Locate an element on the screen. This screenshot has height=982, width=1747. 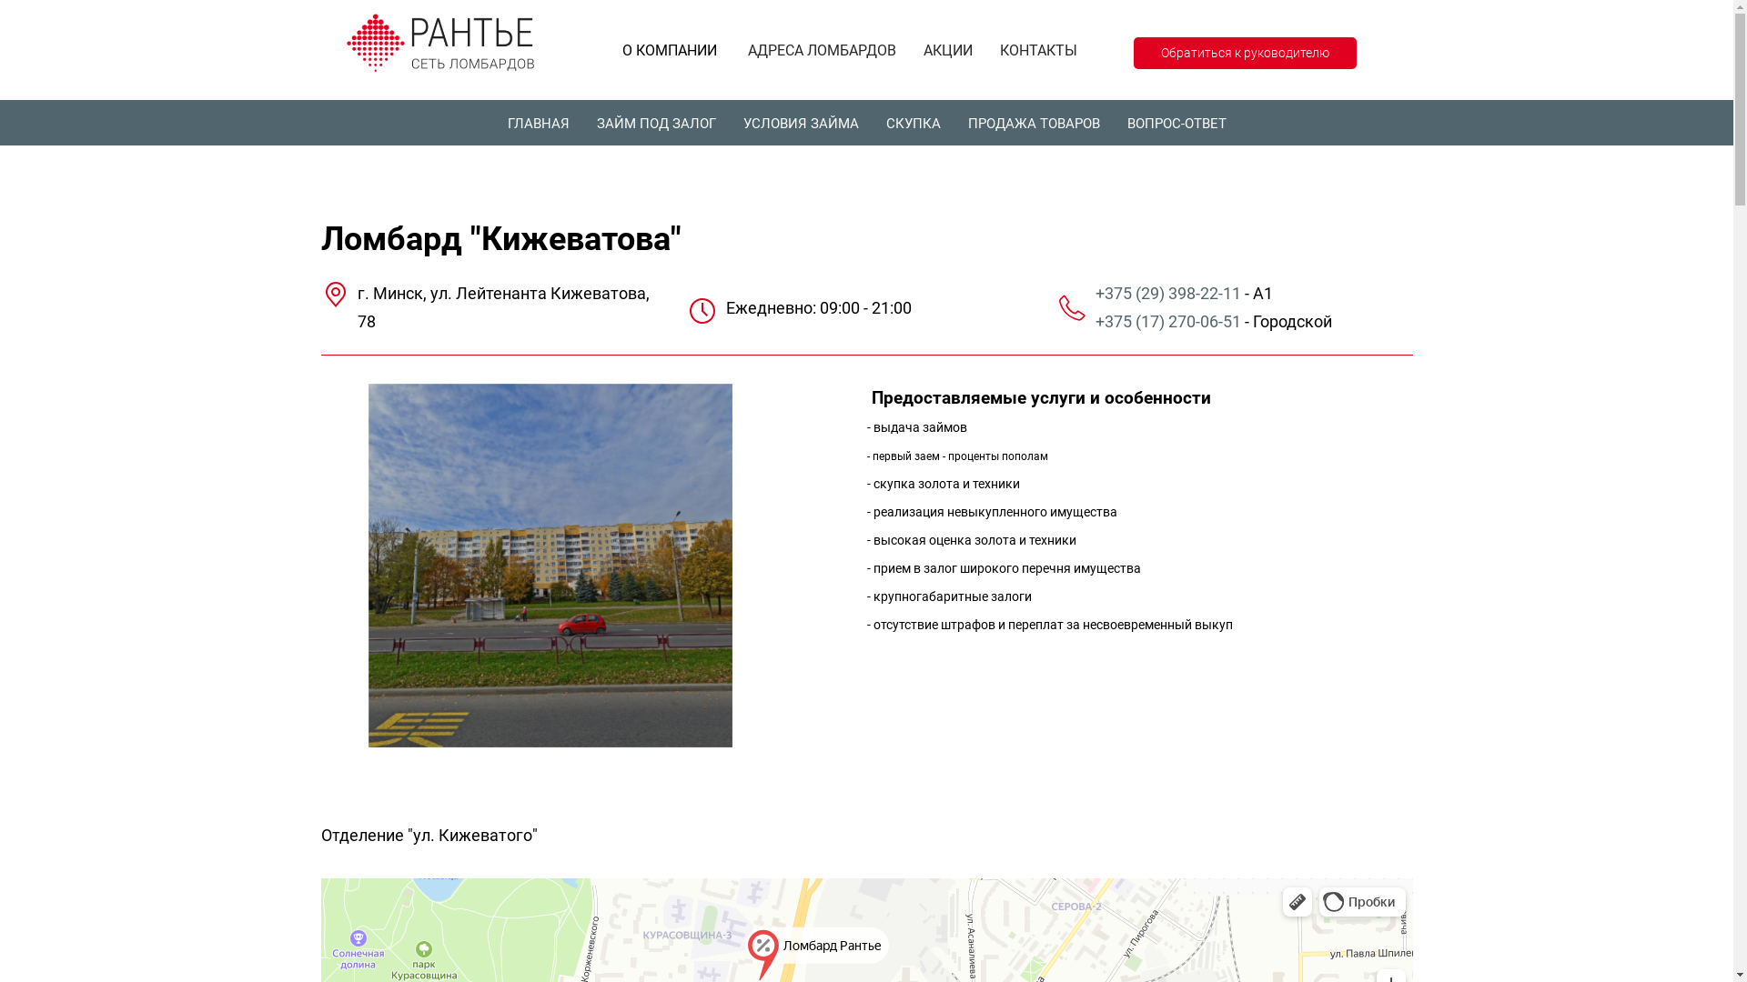
'+375 (17) 270-06-51' is located at coordinates (1167, 320).